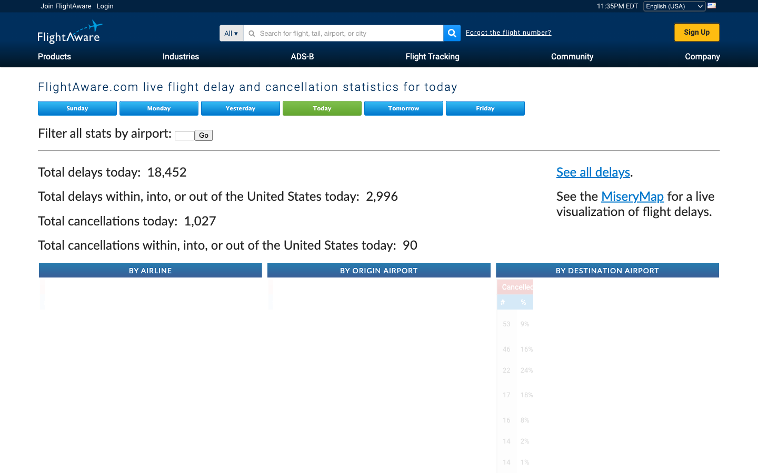  What do you see at coordinates (160, 108) in the screenshot?
I see `Check Flight Aware live flight delay and cancellation statistics for Monday` at bounding box center [160, 108].